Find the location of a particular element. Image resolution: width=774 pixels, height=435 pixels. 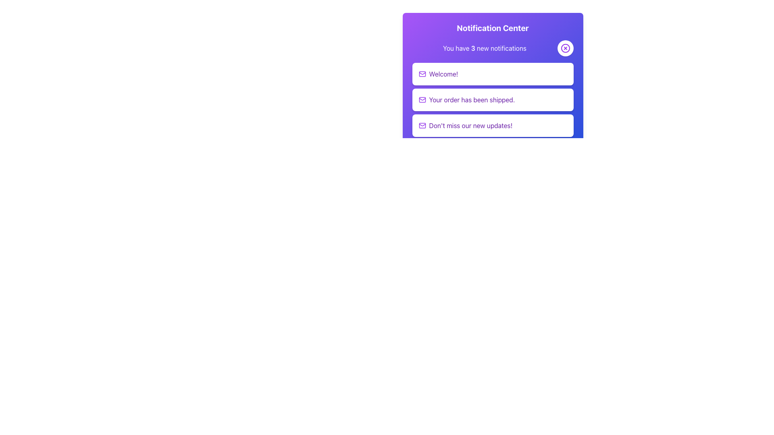

notification message 'Your order has been shipped.' which is the second notification in the list, styled in purple and accompanied by an envelope icon is located at coordinates (492, 99).